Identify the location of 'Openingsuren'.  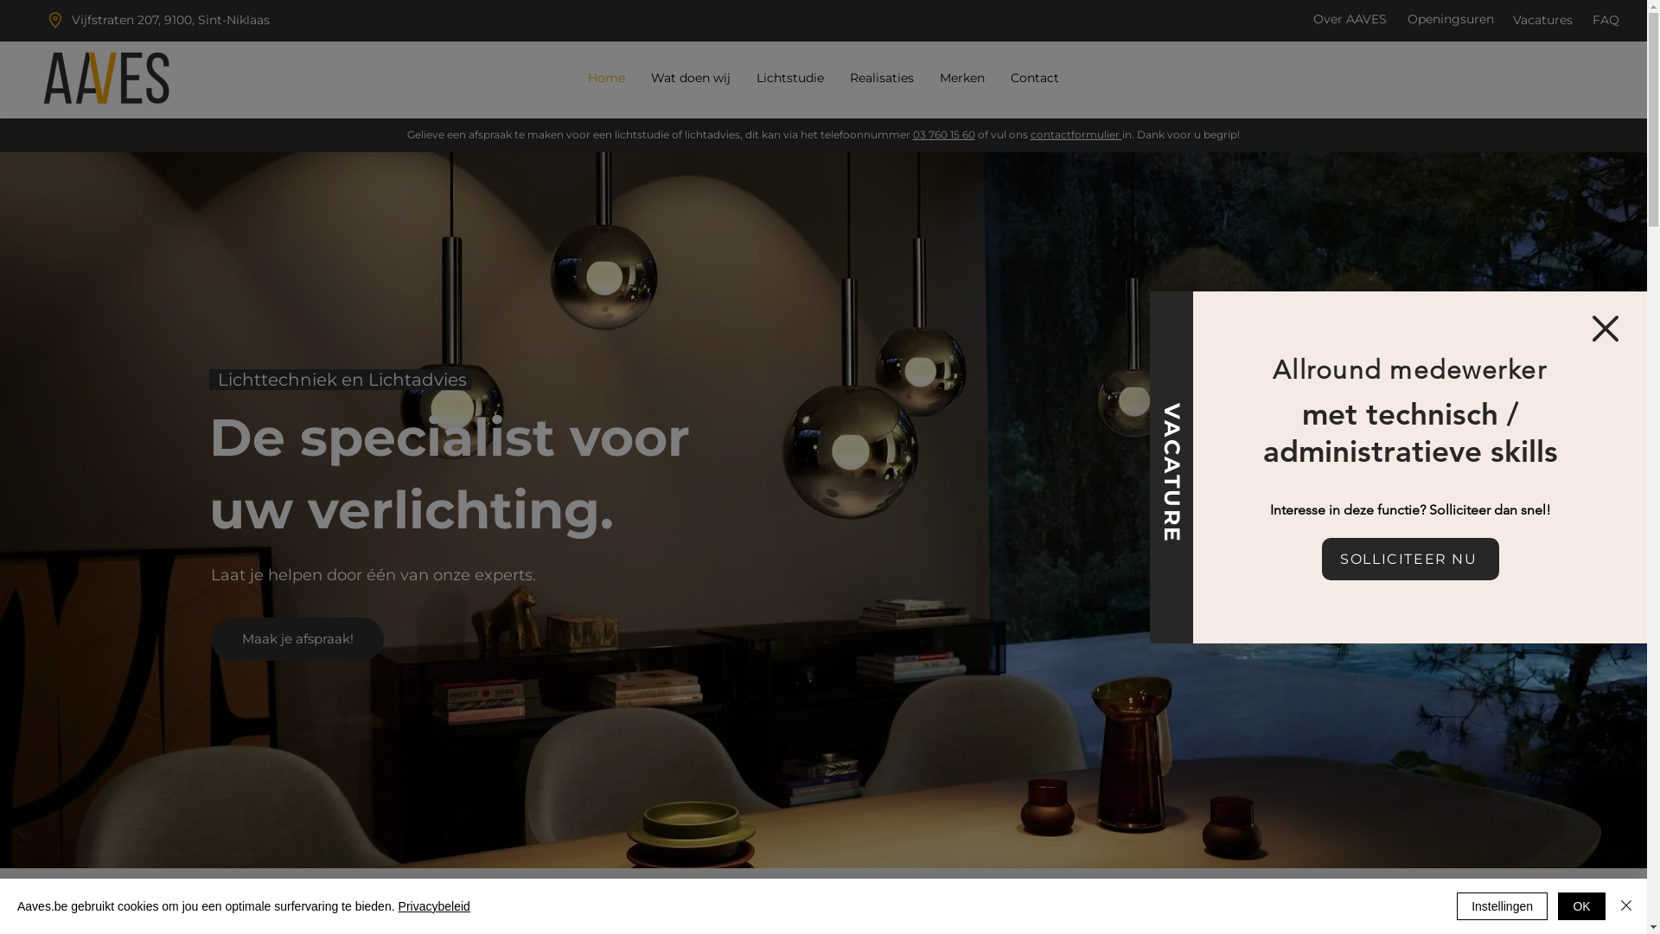
(1451, 19).